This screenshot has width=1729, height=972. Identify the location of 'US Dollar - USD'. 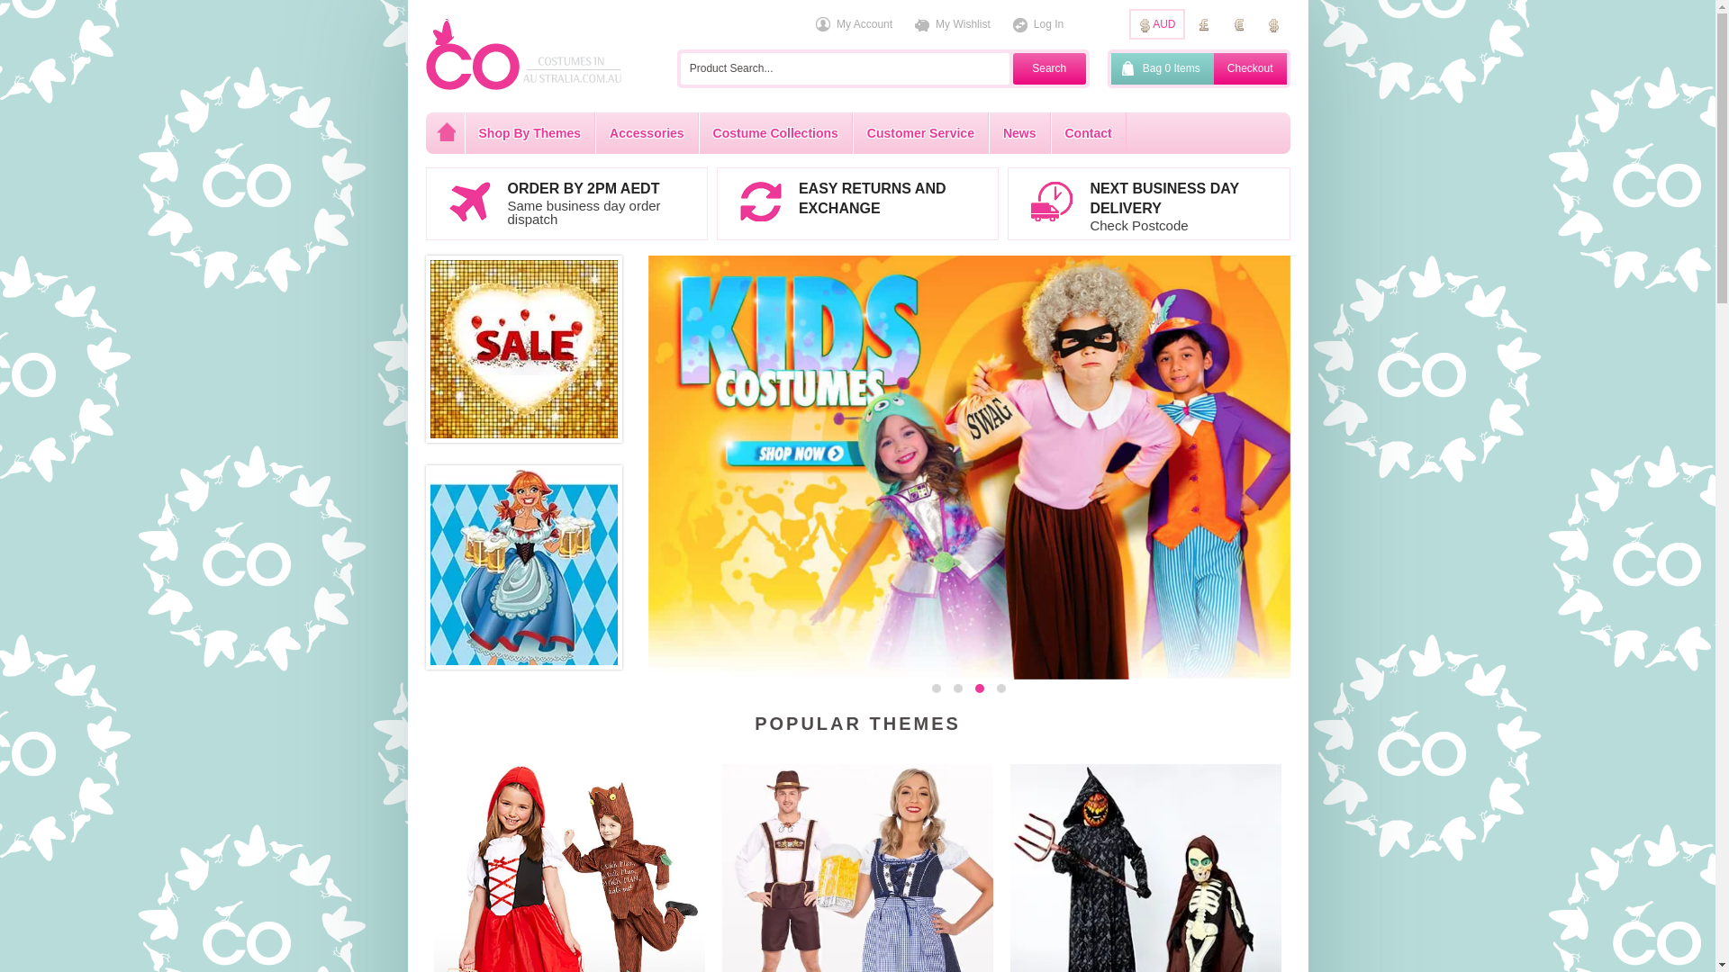
(1272, 24).